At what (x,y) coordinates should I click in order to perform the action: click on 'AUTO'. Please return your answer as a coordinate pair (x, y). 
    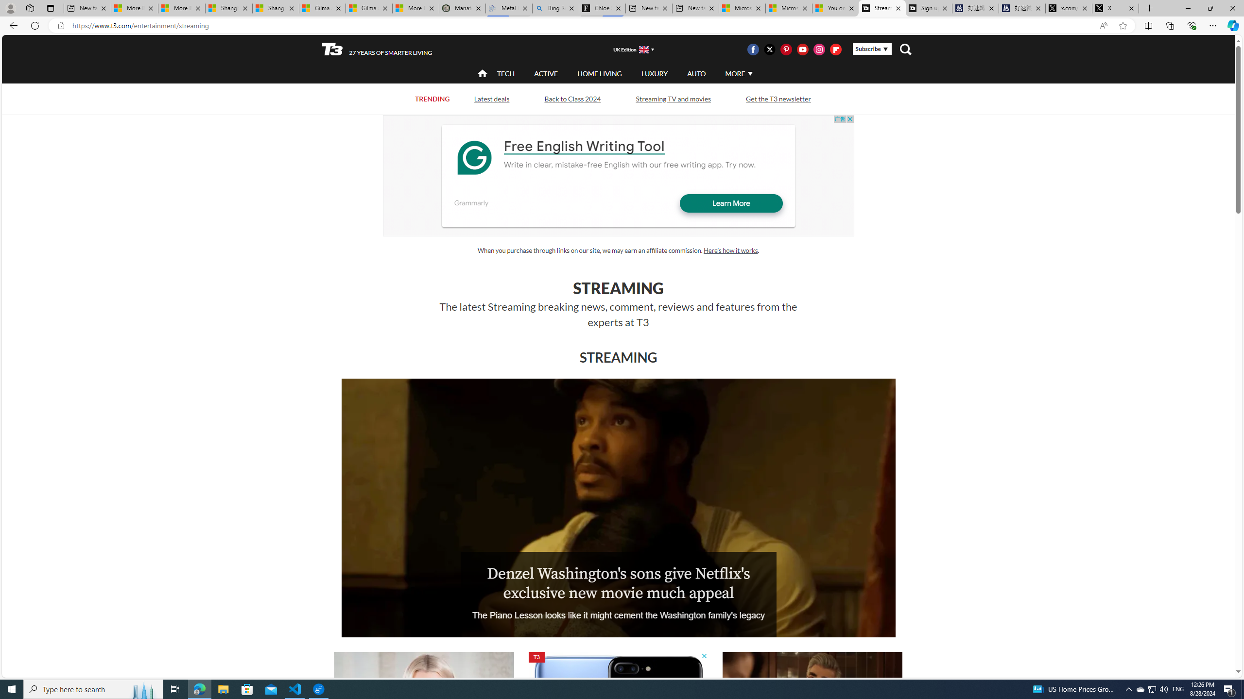
    Looking at the image, I should click on (696, 73).